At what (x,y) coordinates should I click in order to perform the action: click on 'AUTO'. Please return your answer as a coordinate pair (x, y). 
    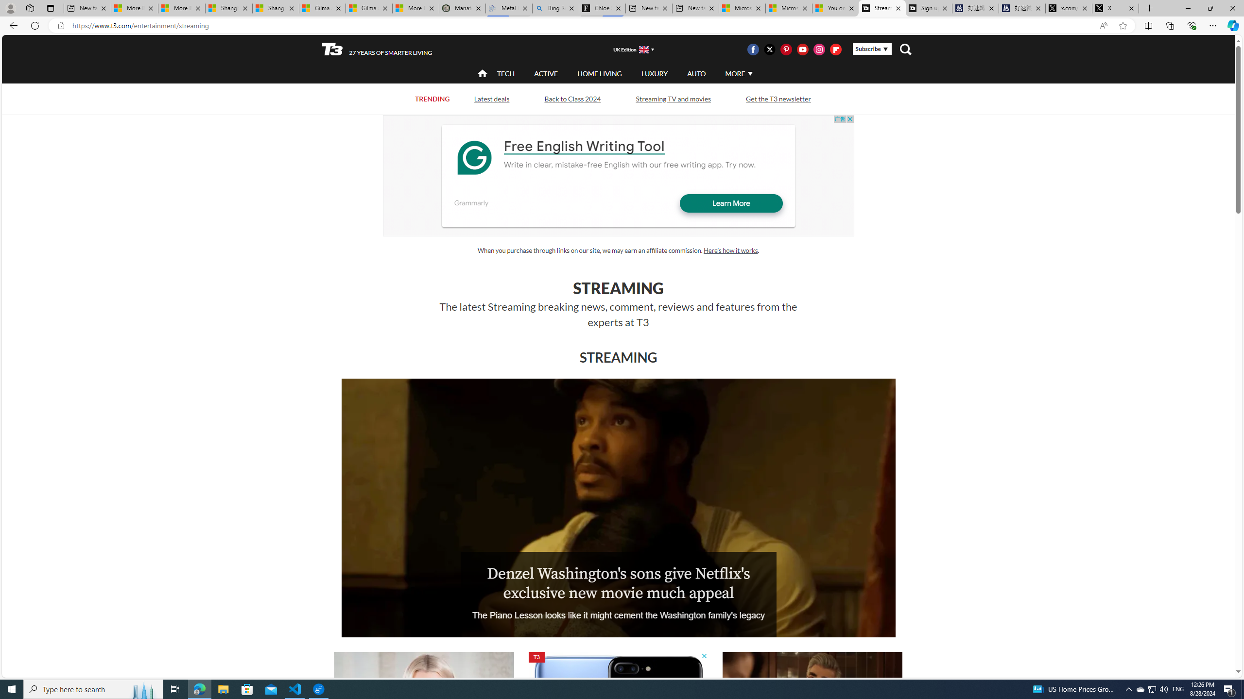
    Looking at the image, I should click on (696, 73).